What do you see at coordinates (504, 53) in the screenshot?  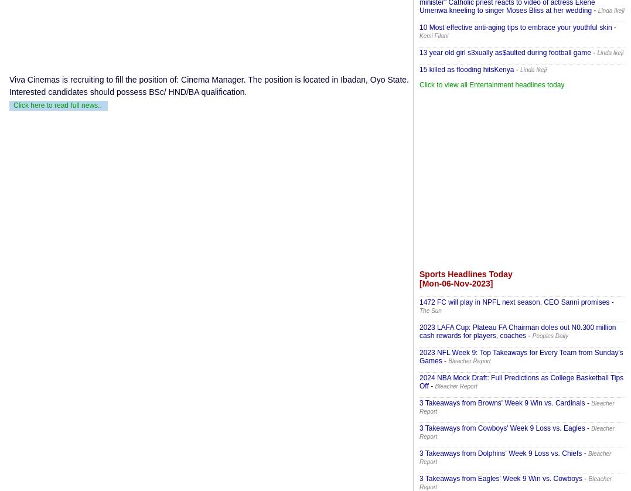 I see `'13 year old girl s3xually as$aulted during football game'` at bounding box center [504, 53].